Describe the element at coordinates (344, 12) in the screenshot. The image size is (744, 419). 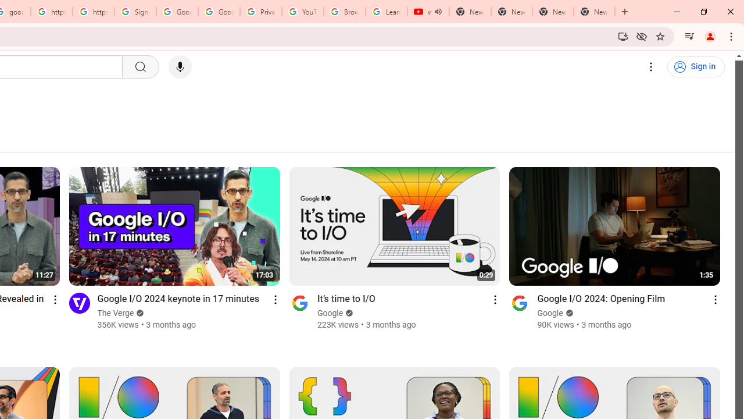
I see `'Browse Chrome as a guest - Computer - Google Chrome Help'` at that location.